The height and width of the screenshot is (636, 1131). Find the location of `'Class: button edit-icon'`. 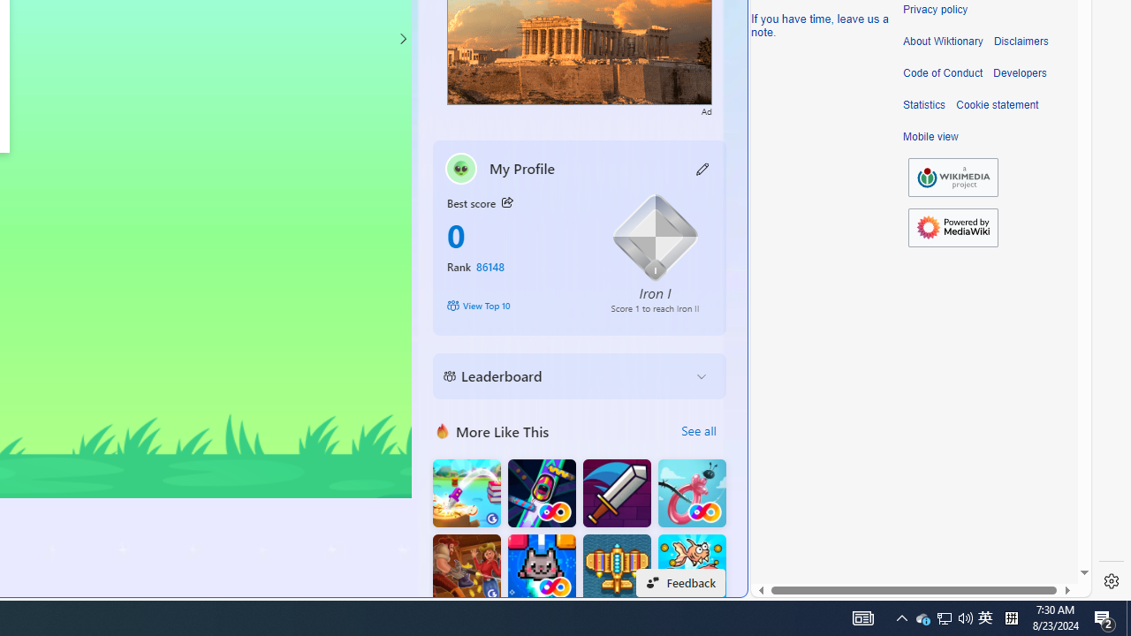

'Class: button edit-icon' is located at coordinates (702, 168).